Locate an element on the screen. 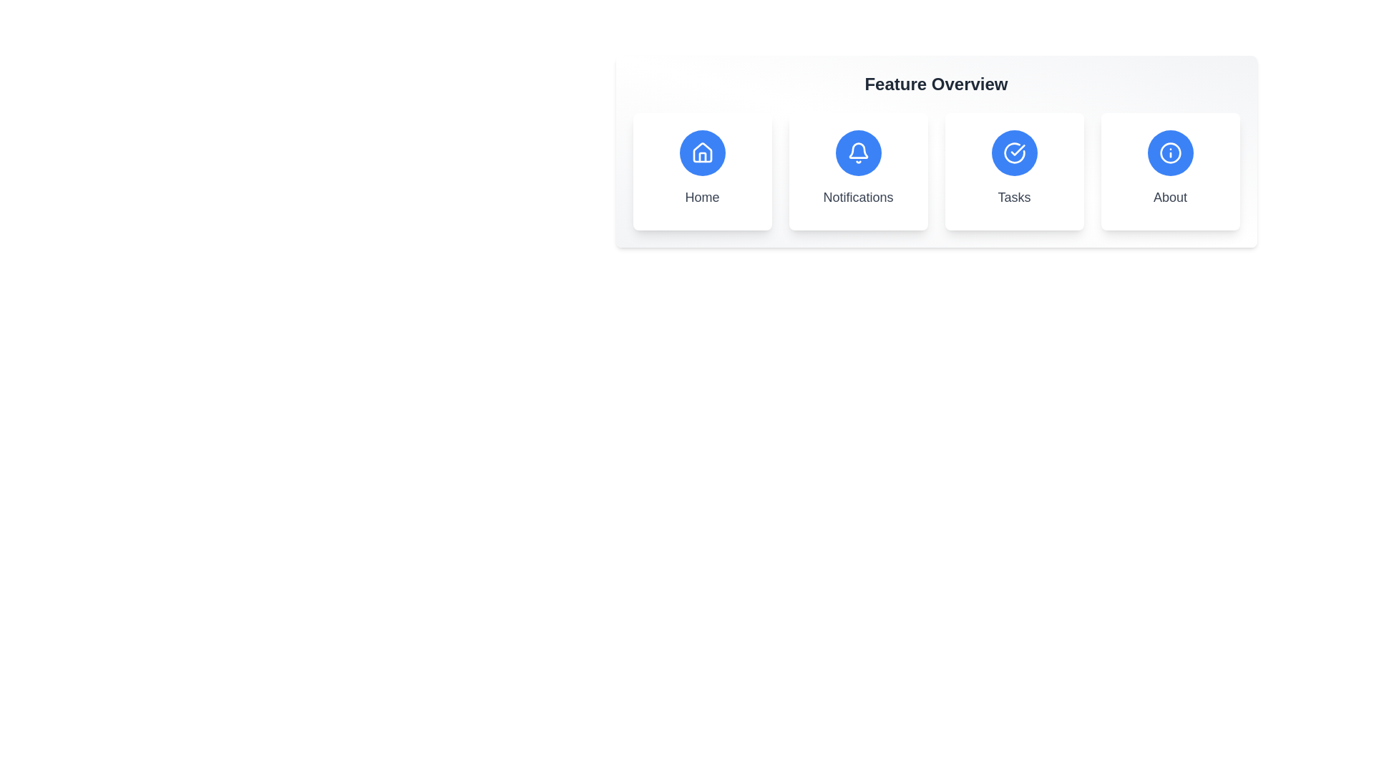  the 'Home' text label, which is styled with a medium gray font and located below a rounded blue house icon is located at coordinates (702, 198).